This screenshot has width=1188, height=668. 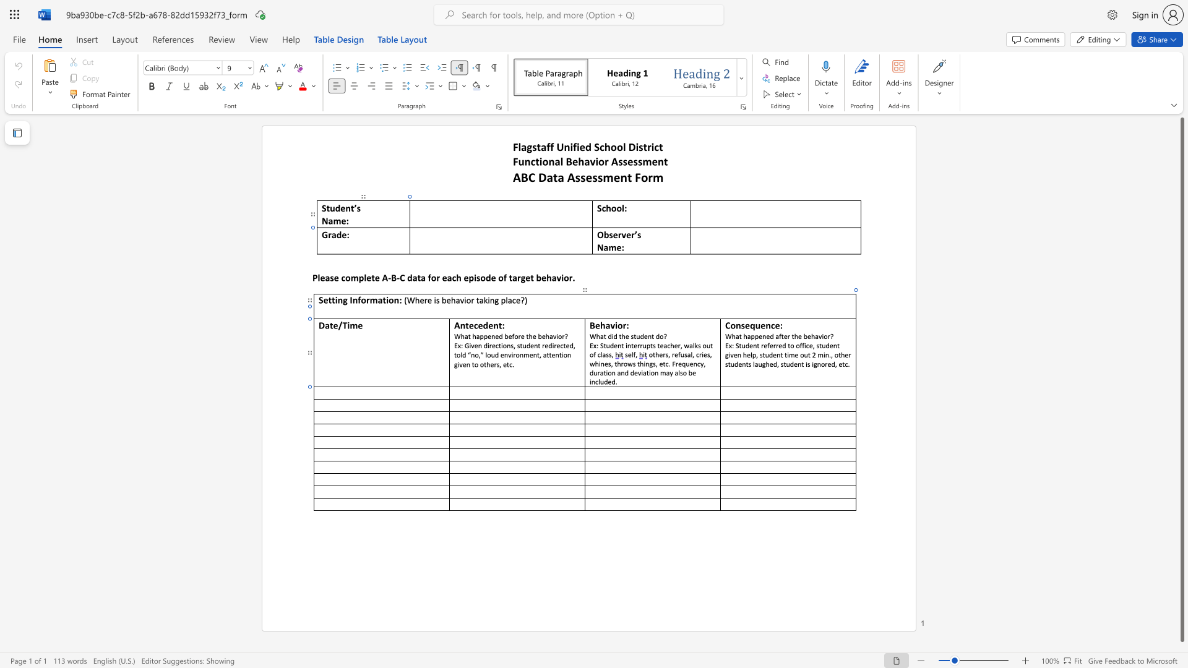 What do you see at coordinates (728, 325) in the screenshot?
I see `the 1th character "C" in the text` at bounding box center [728, 325].